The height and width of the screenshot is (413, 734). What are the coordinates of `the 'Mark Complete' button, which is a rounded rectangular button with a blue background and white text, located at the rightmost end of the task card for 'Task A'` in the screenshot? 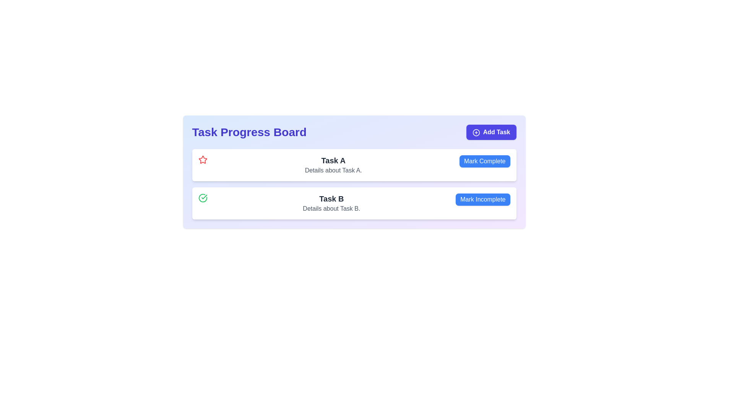 It's located at (484, 161).